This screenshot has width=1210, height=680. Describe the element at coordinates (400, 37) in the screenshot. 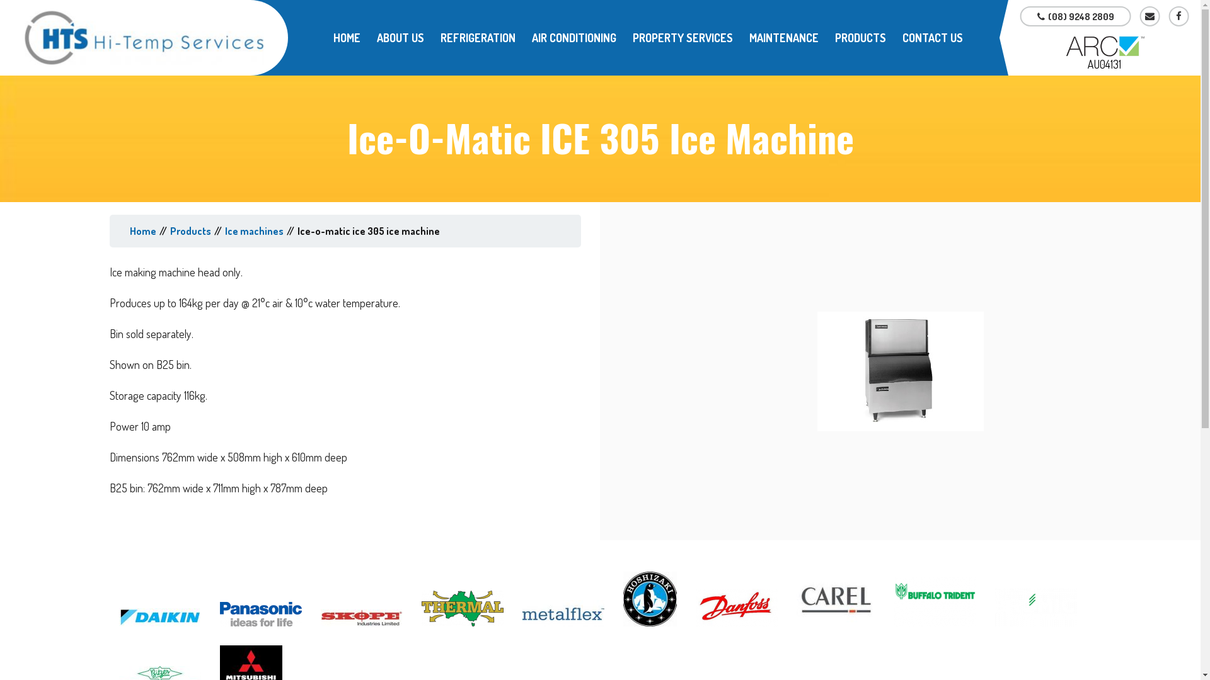

I see `'ABOUT US'` at that location.